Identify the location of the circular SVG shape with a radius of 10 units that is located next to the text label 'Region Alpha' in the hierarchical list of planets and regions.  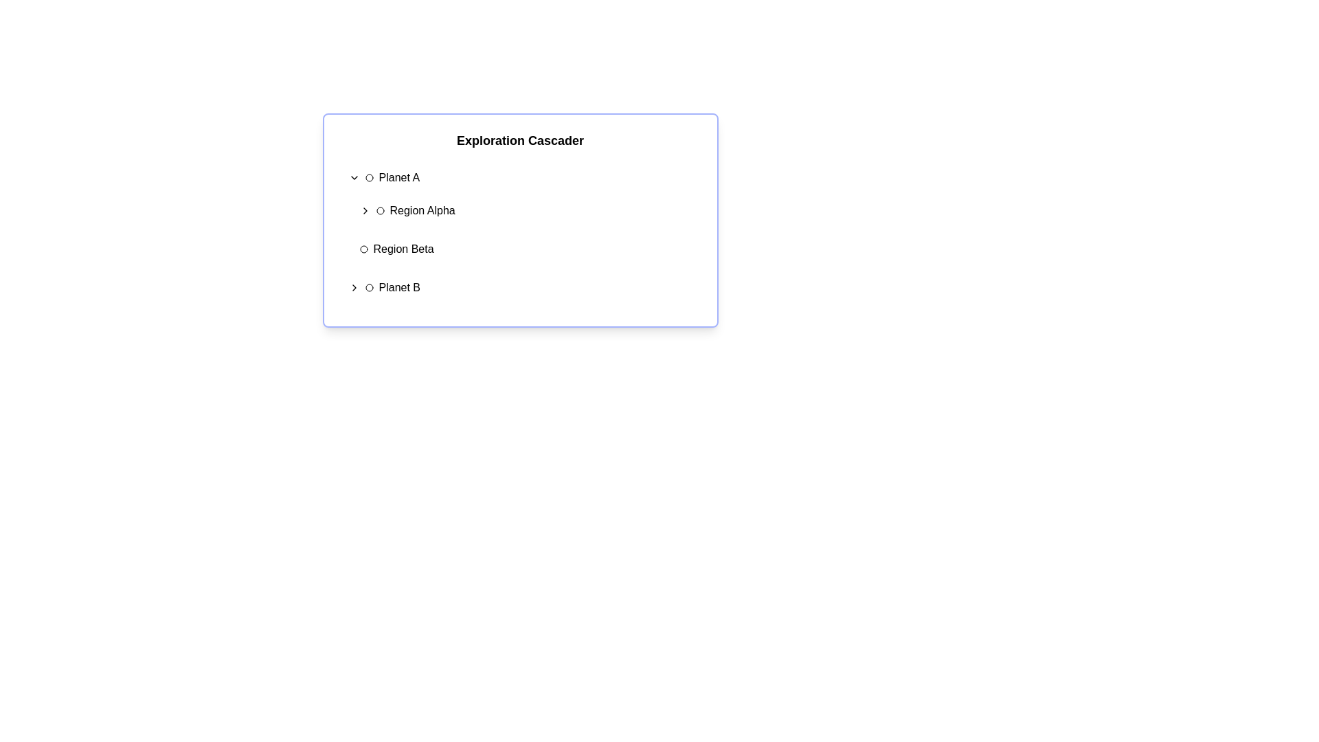
(380, 211).